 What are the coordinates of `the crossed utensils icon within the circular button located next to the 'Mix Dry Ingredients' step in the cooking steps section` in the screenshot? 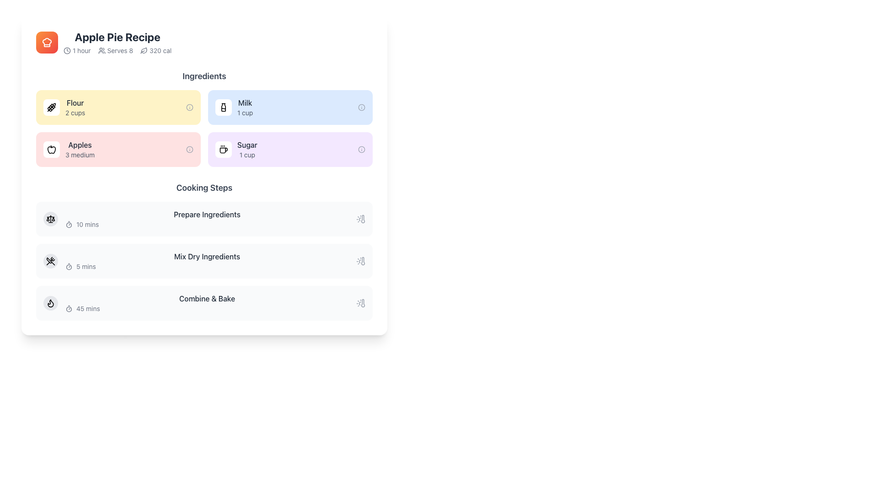 It's located at (50, 261).